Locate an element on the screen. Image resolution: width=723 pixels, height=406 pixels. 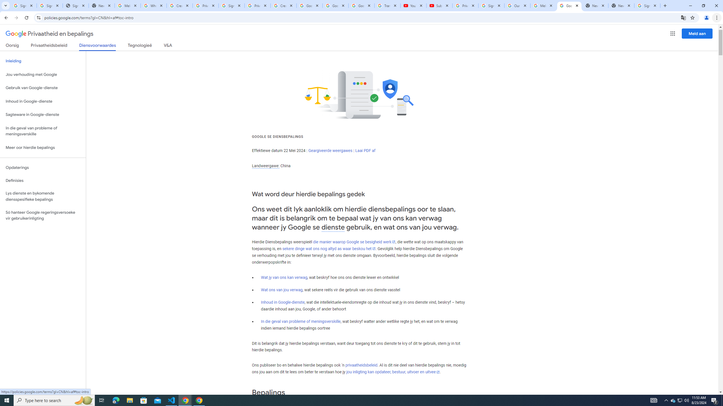
'Sign In - USA TODAY' is located at coordinates (75, 5).